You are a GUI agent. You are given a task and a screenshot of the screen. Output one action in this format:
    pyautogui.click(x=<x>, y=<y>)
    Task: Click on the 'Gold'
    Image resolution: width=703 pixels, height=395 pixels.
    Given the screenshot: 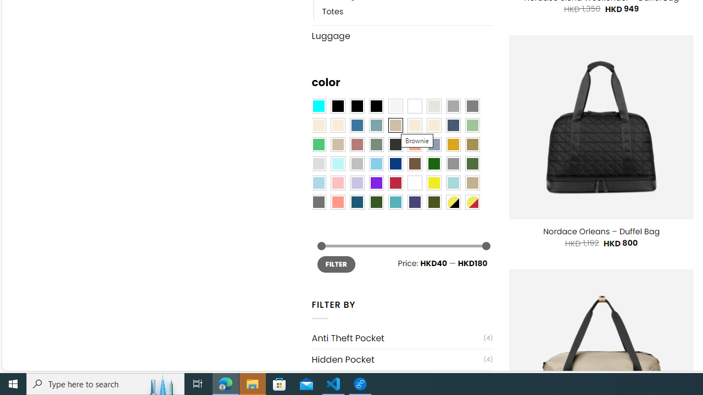 What is the action you would take?
    pyautogui.click(x=453, y=144)
    